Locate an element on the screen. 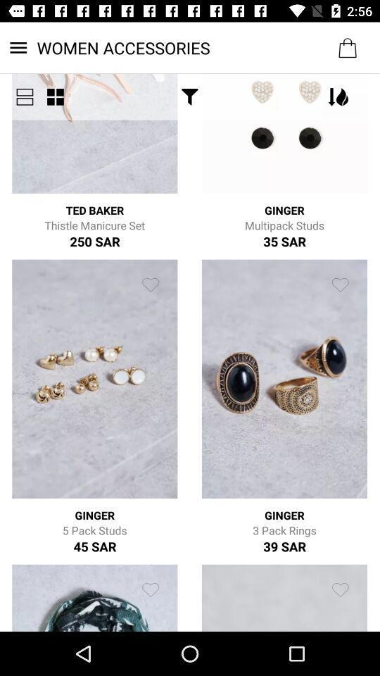 This screenshot has width=380, height=676. the first image in the second row is located at coordinates (95, 378).